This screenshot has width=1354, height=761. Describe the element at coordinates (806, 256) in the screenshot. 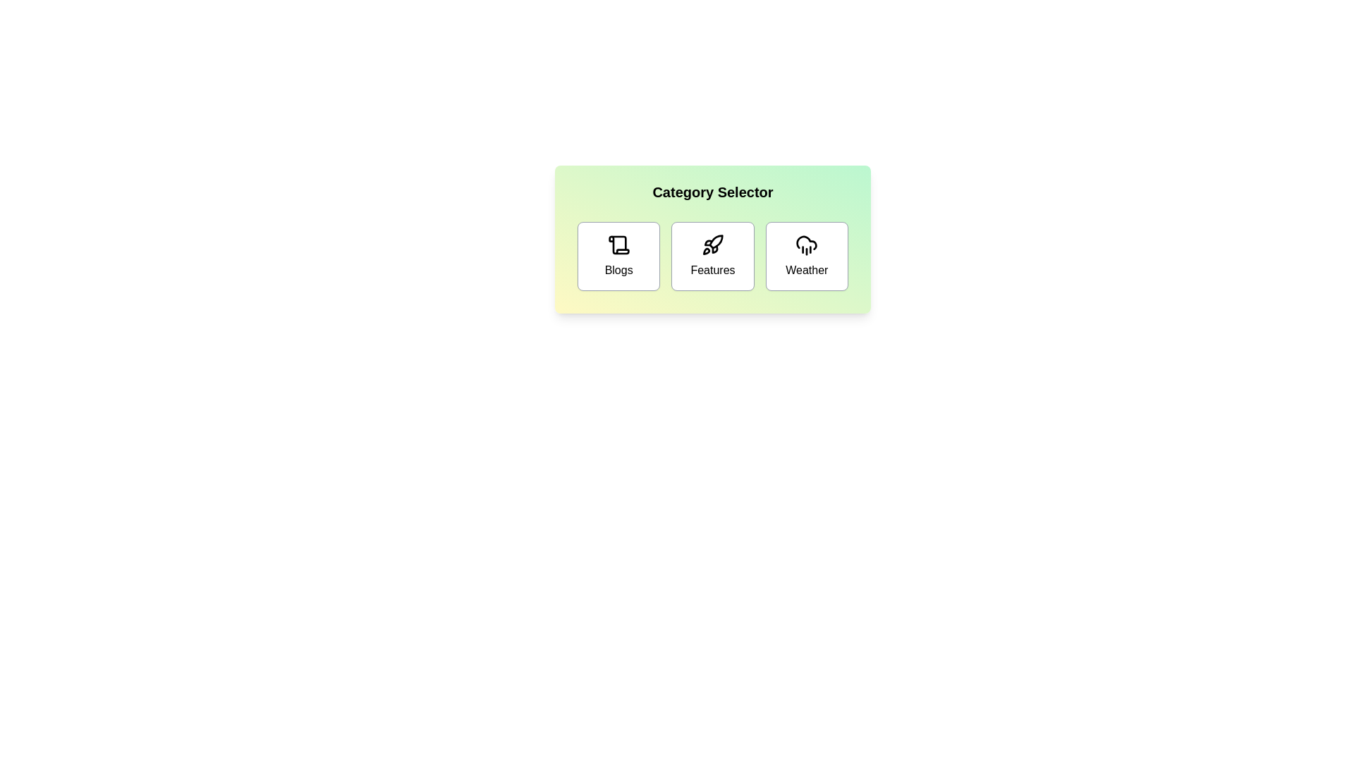

I see `the category button labeled 'Weather' to view its hover effects` at that location.